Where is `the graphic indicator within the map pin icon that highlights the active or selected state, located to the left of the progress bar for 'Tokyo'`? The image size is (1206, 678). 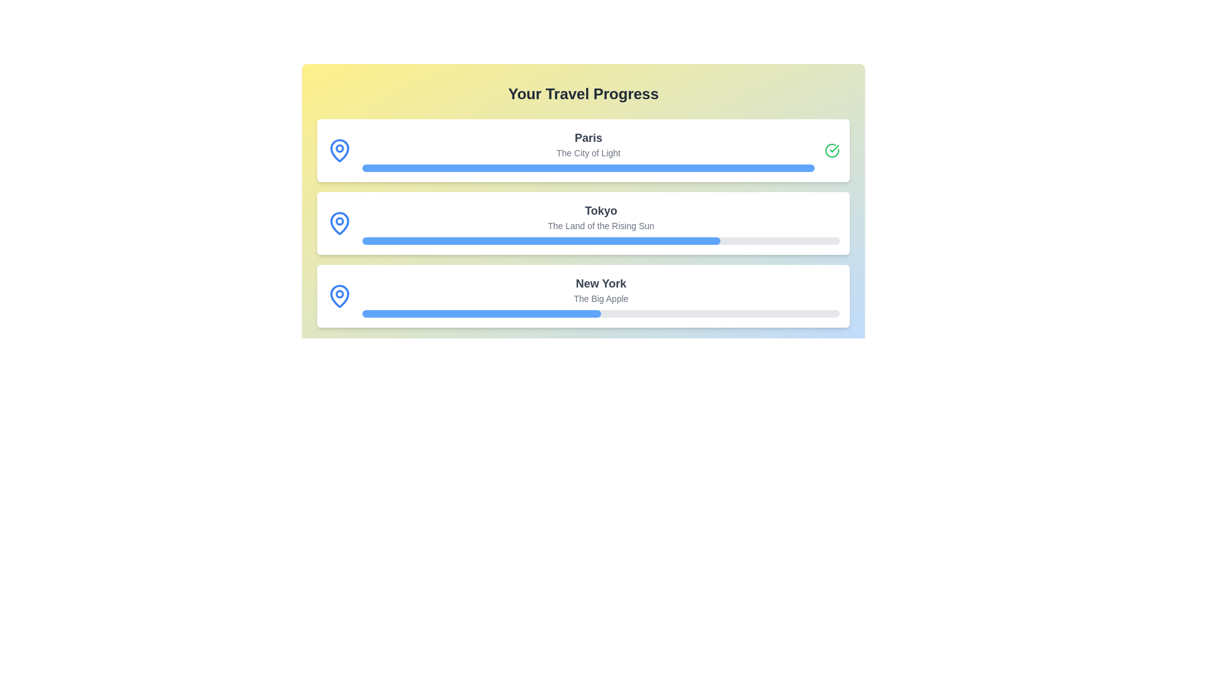
the graphic indicator within the map pin icon that highlights the active or selected state, located to the left of the progress bar for 'Tokyo' is located at coordinates (340, 220).